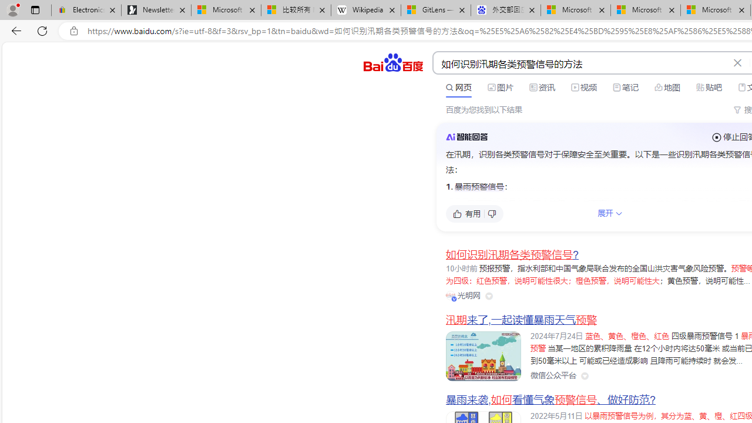 The height and width of the screenshot is (423, 752). What do you see at coordinates (365, 10) in the screenshot?
I see `'Wikipedia'` at bounding box center [365, 10].